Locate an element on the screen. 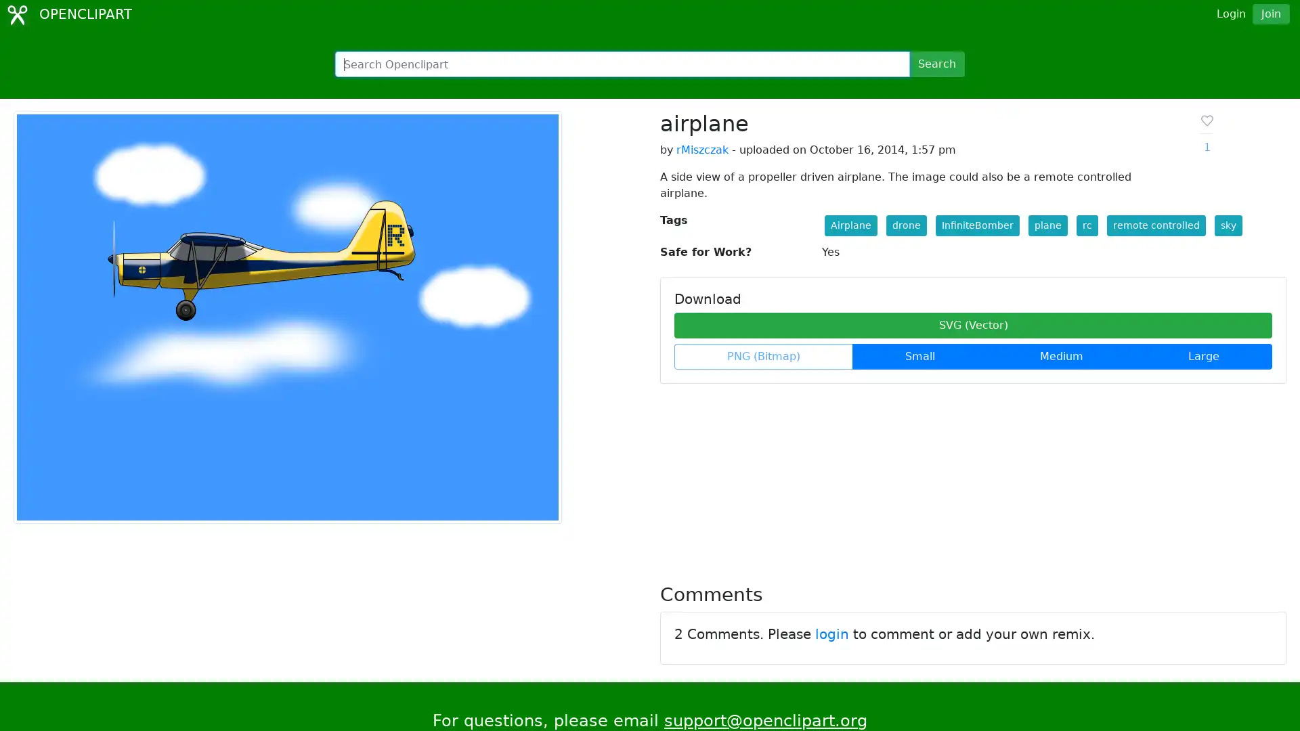  remote controlled is located at coordinates (1155, 225).